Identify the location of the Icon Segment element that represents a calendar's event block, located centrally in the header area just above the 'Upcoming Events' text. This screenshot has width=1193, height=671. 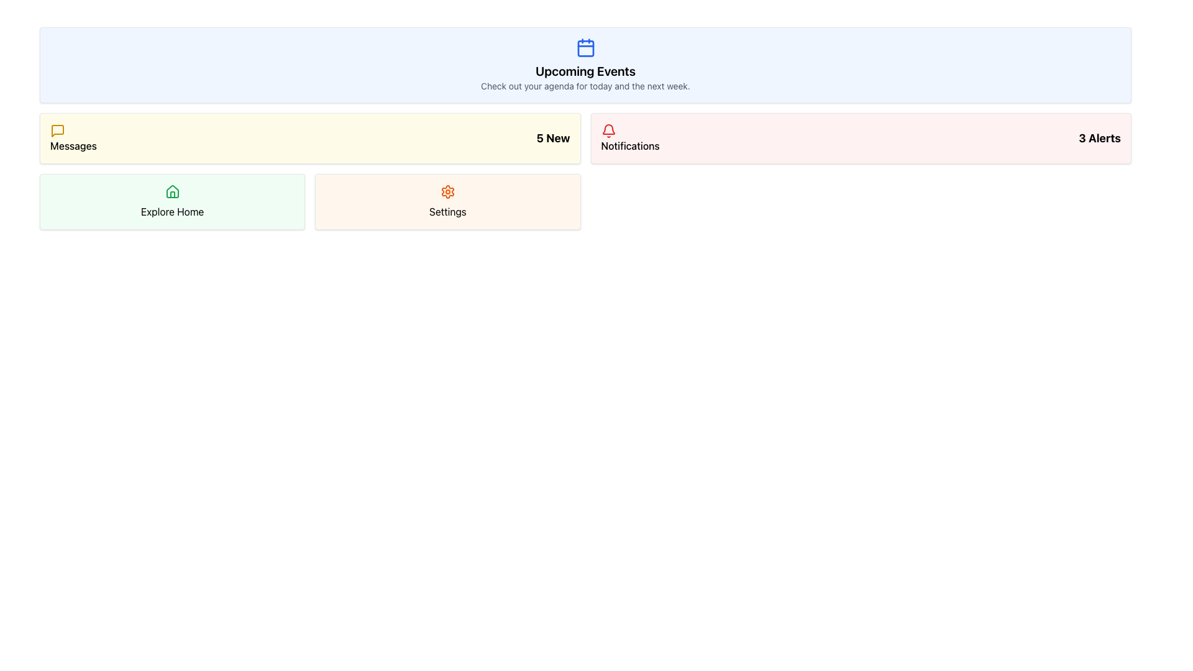
(585, 48).